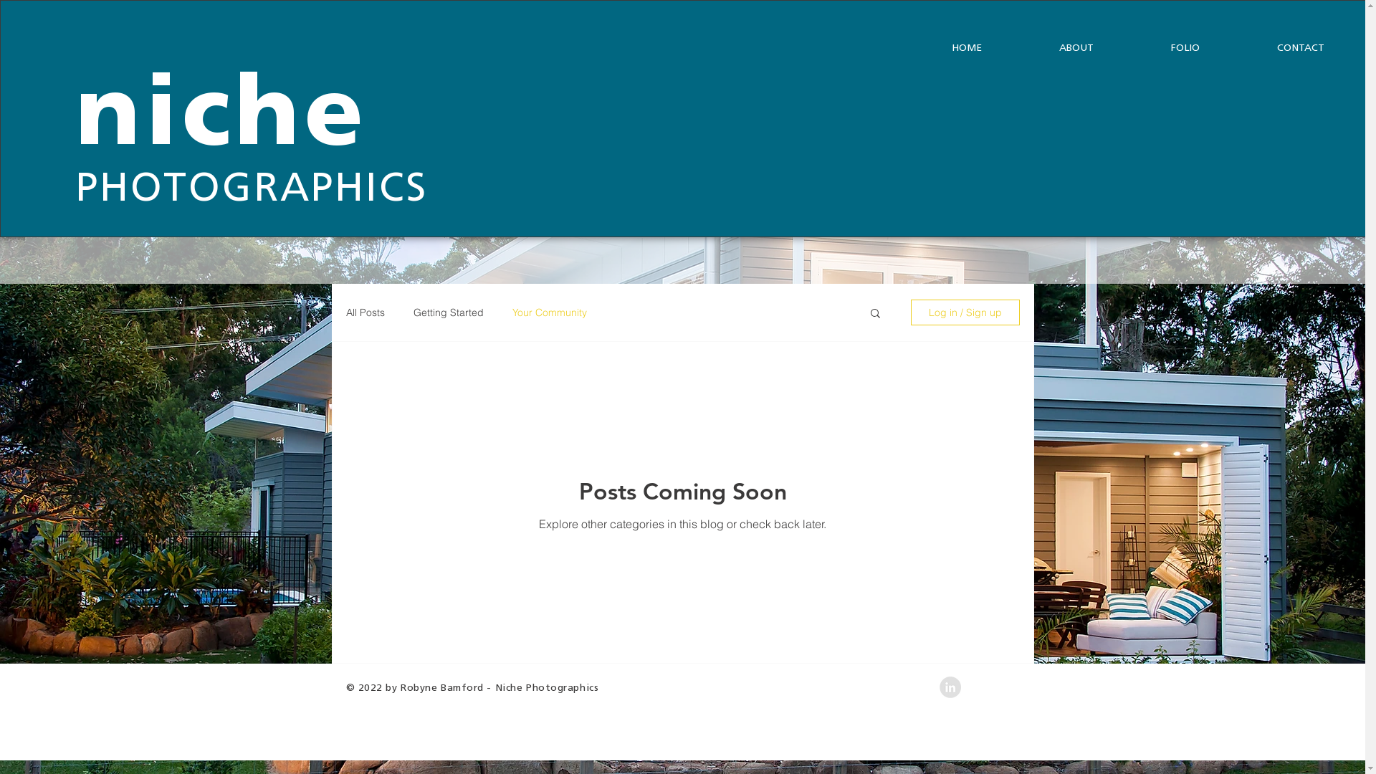 The height and width of the screenshot is (774, 1376). I want to click on 'Your Community', so click(548, 311).